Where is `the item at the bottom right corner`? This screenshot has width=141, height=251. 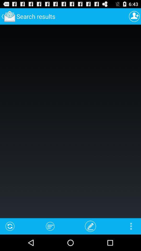
the item at the bottom right corner is located at coordinates (131, 226).